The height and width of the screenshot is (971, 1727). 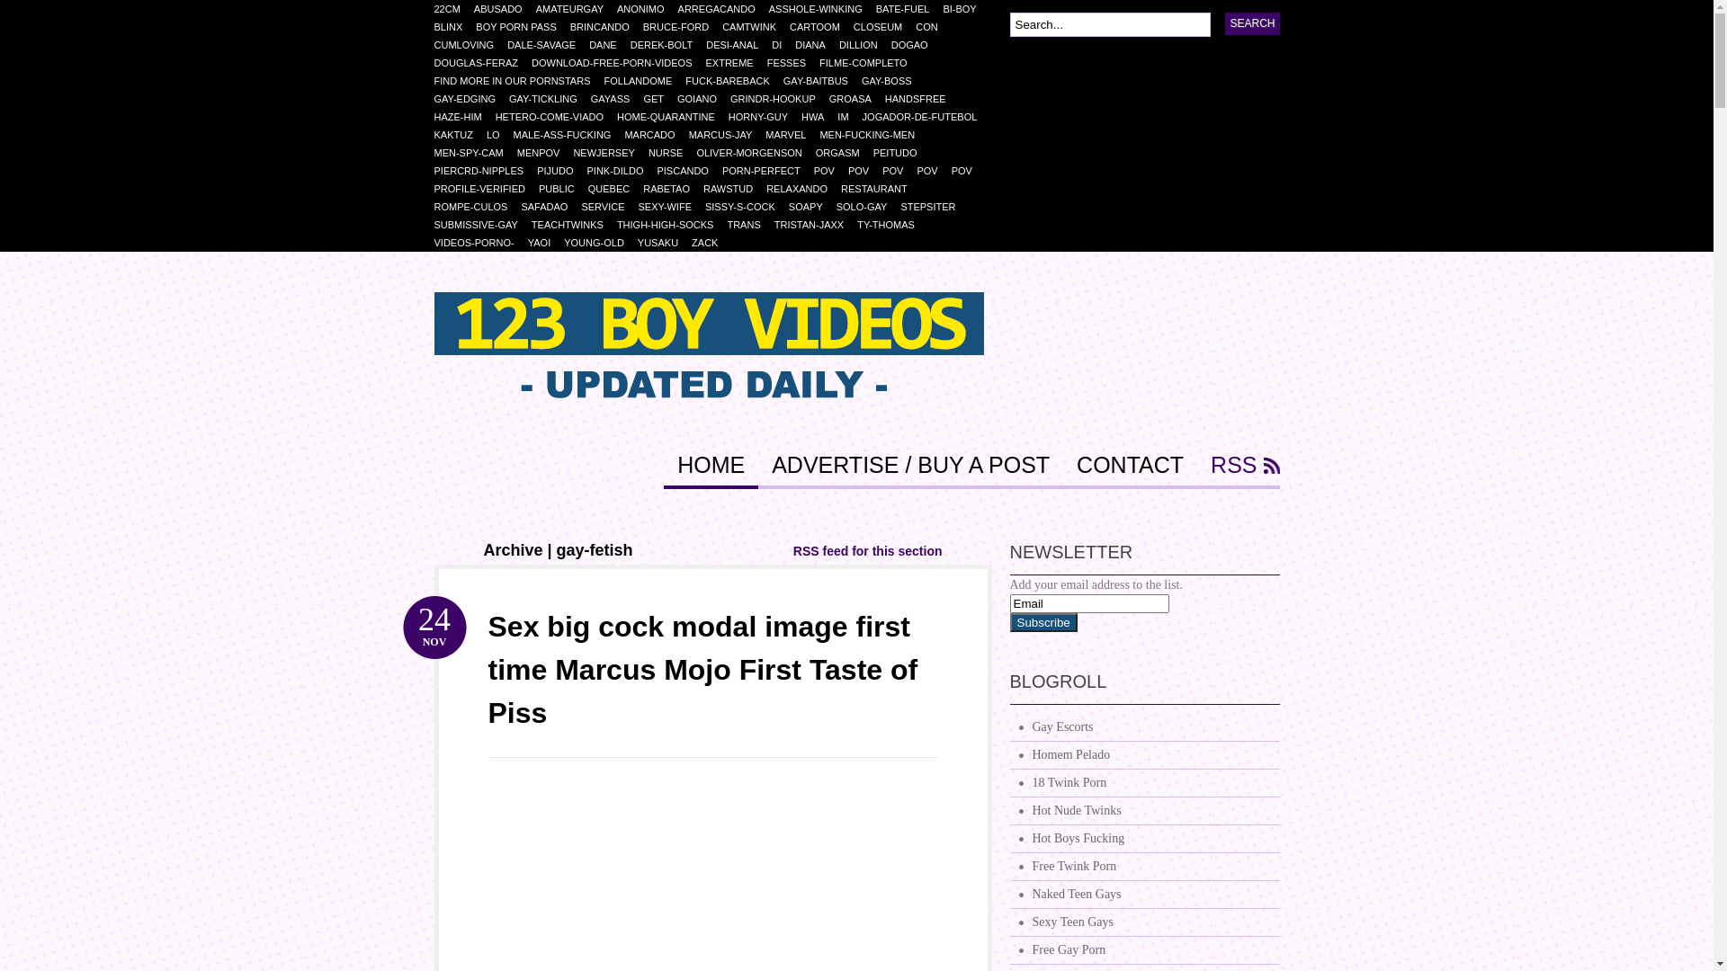 I want to click on 'ROMPE-CULOS', so click(x=477, y=206).